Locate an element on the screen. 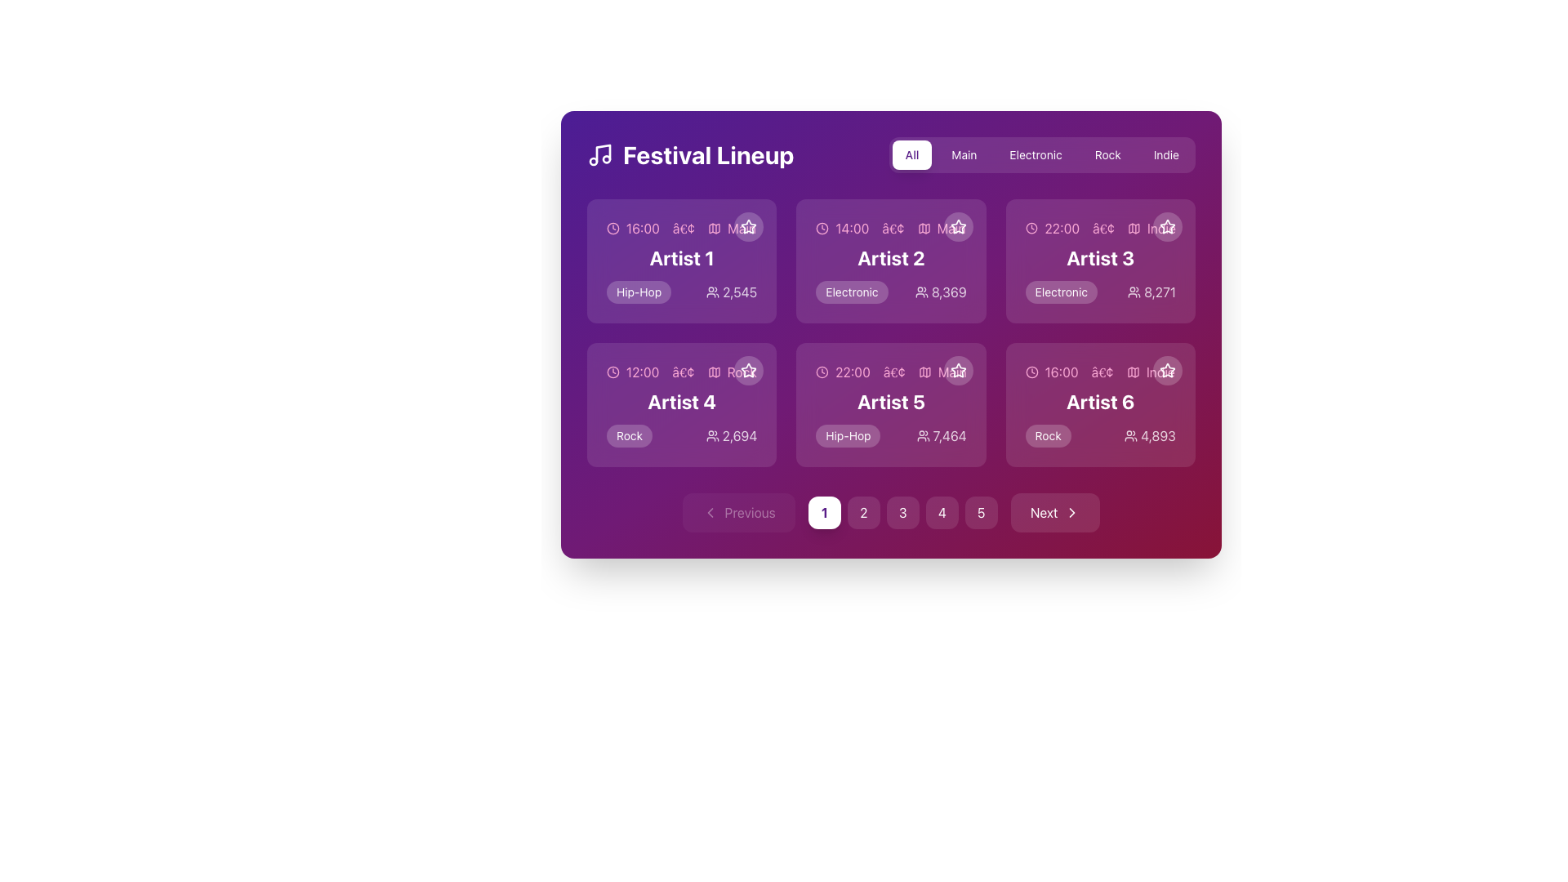 The height and width of the screenshot is (882, 1568). the textual symbol '•' located to the right of the time '14:00' and before the map icon within the panel for 'Artist 2' in the second tile of the upper row is located at coordinates (893, 229).